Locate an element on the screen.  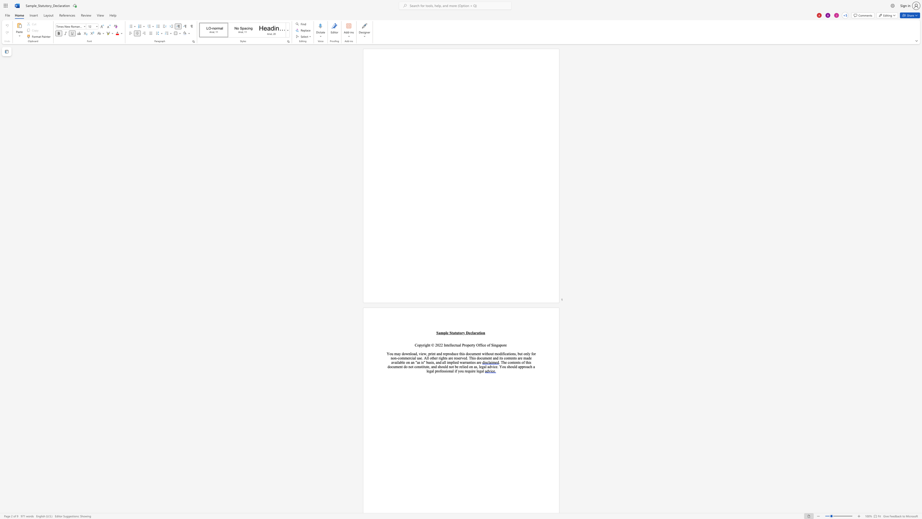
the 1th character "t" in the text is located at coordinates (412, 366).